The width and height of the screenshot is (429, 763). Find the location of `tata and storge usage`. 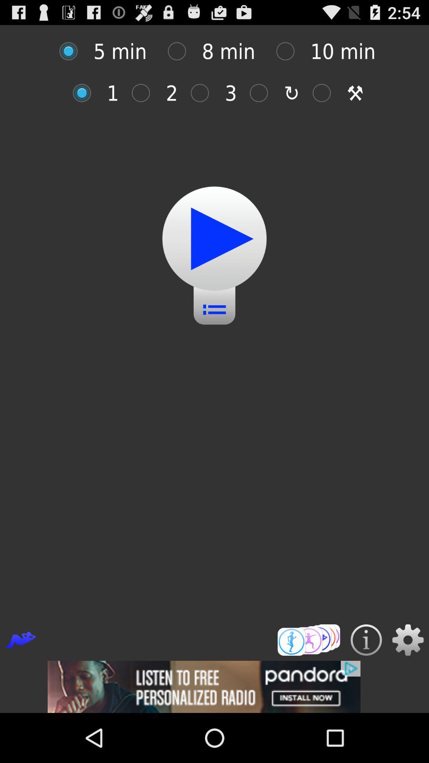

tata and storge usage is located at coordinates (326, 93).